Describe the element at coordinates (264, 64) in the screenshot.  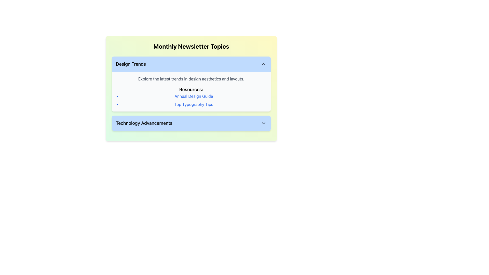
I see `the upward-pointing arrow icon button located at the right end of the 'Design Trends' section` at that location.